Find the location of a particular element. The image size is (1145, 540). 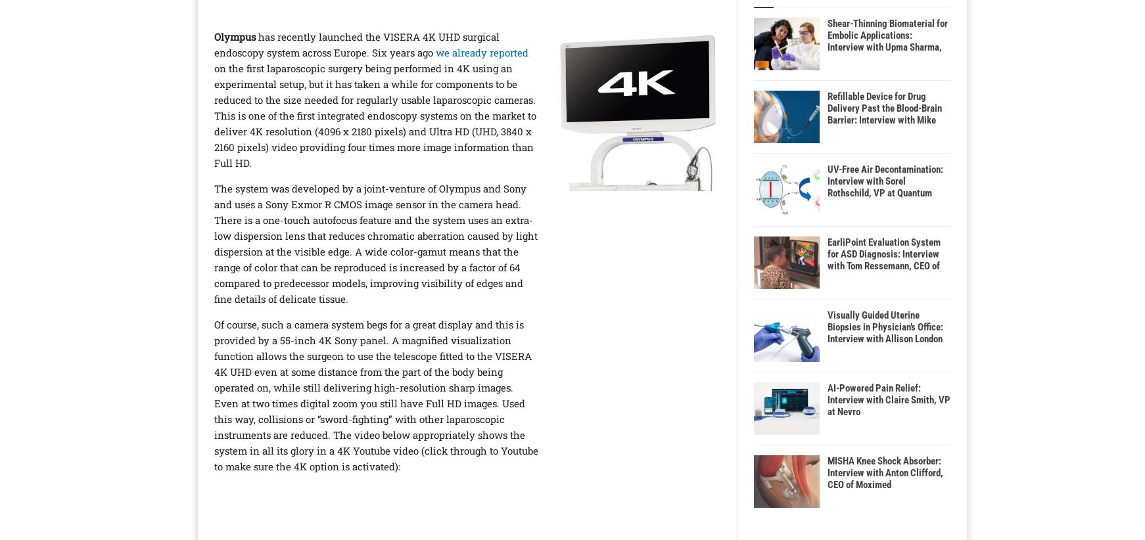

'has recently launched the VISERA 4K UHD surgical endoscopy system across Europe. Six years ago' is located at coordinates (356, 44).